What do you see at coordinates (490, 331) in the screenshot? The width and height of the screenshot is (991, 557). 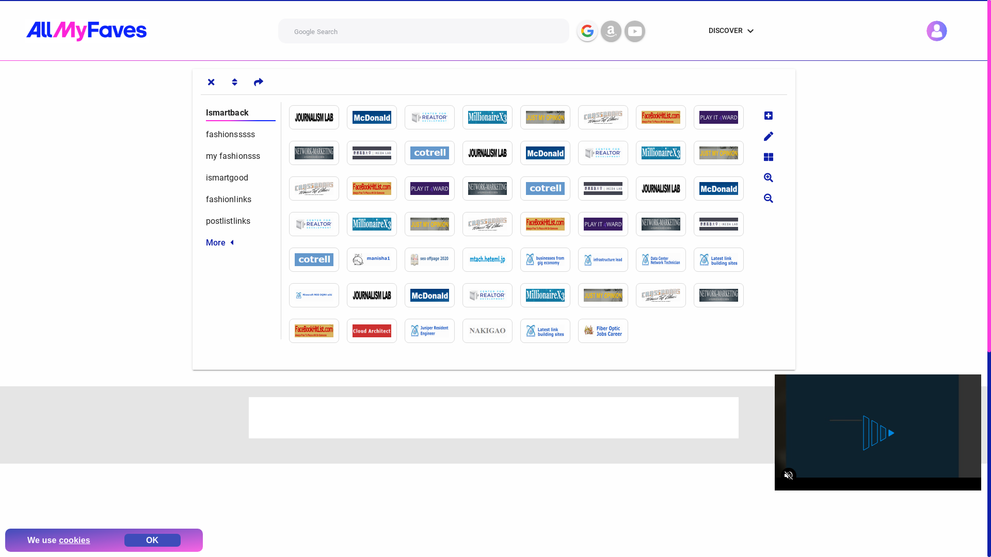 I see `'http://nakigao.sitemix.jp/nakiwiki/?dresses'` at bounding box center [490, 331].